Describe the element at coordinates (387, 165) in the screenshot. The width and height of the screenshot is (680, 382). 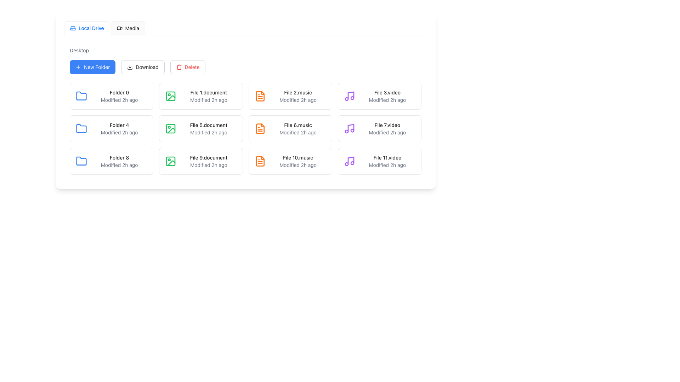
I see `the text label that provides metadata about the modification time of the file, located in the third file row and fourth column, below the text 'File 11.video.'` at that location.